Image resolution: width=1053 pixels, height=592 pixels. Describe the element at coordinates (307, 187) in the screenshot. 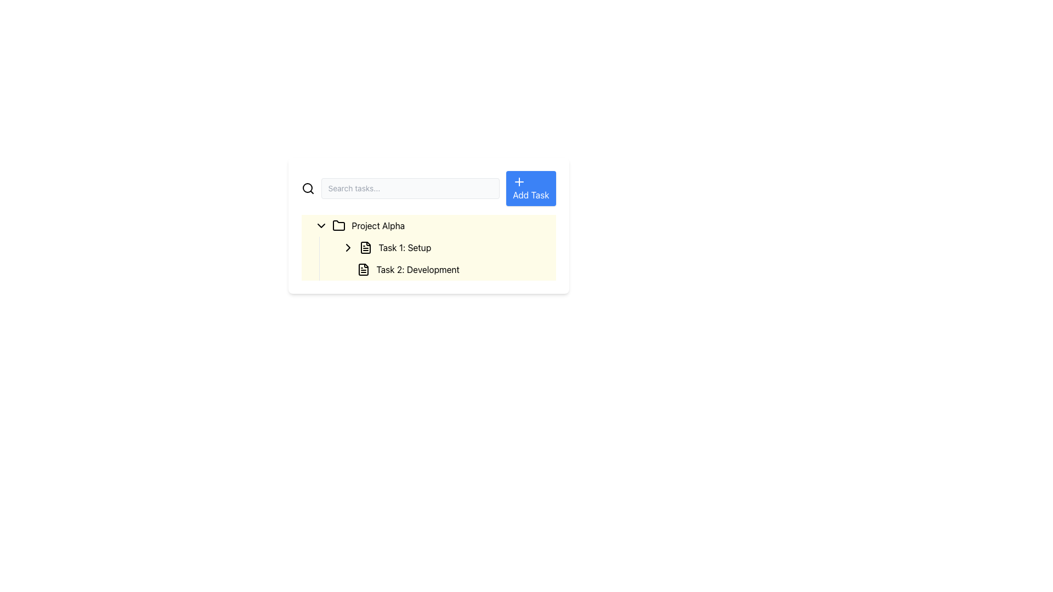

I see `the search icon represented as a magnifying glass with a circular frame, located at the leftmost side of the row containing the 'Search tasks...' input field` at that location.